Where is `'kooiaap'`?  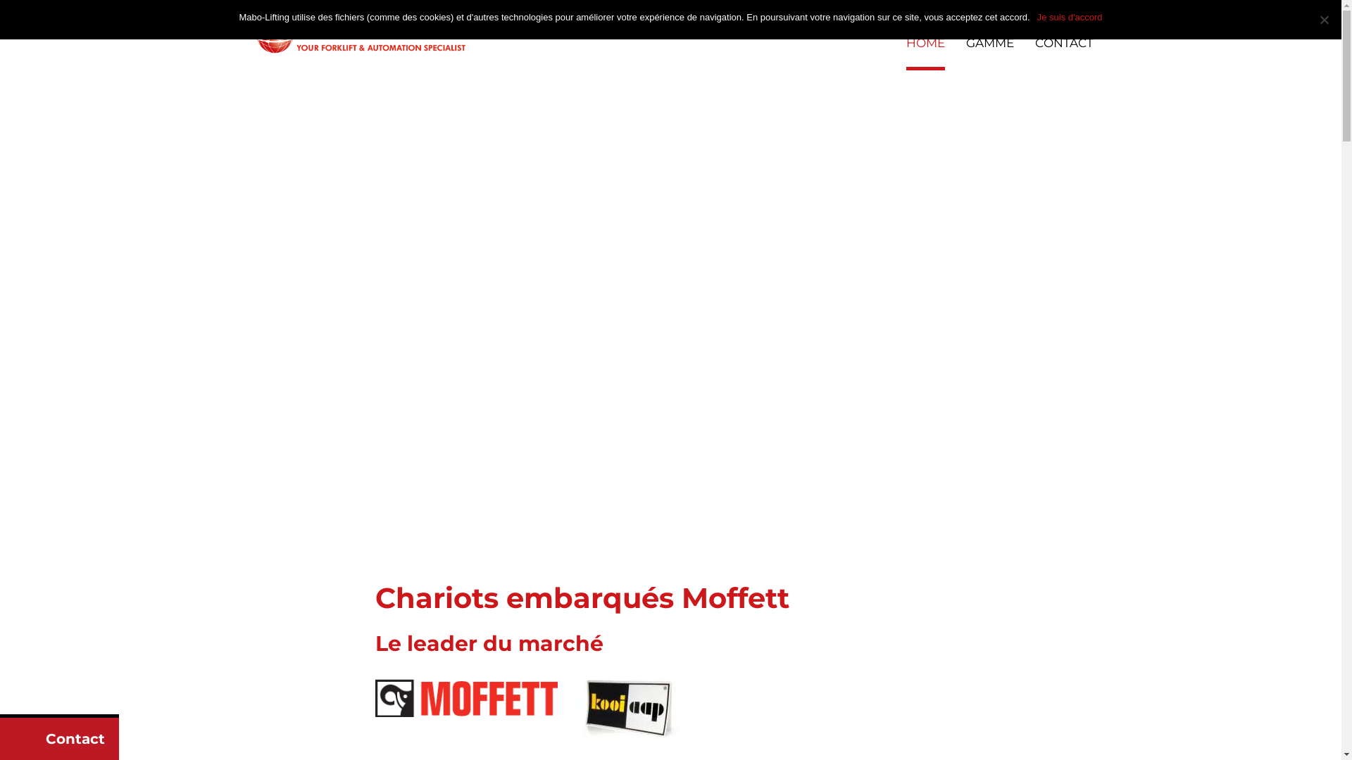
'kooiaap' is located at coordinates (578, 709).